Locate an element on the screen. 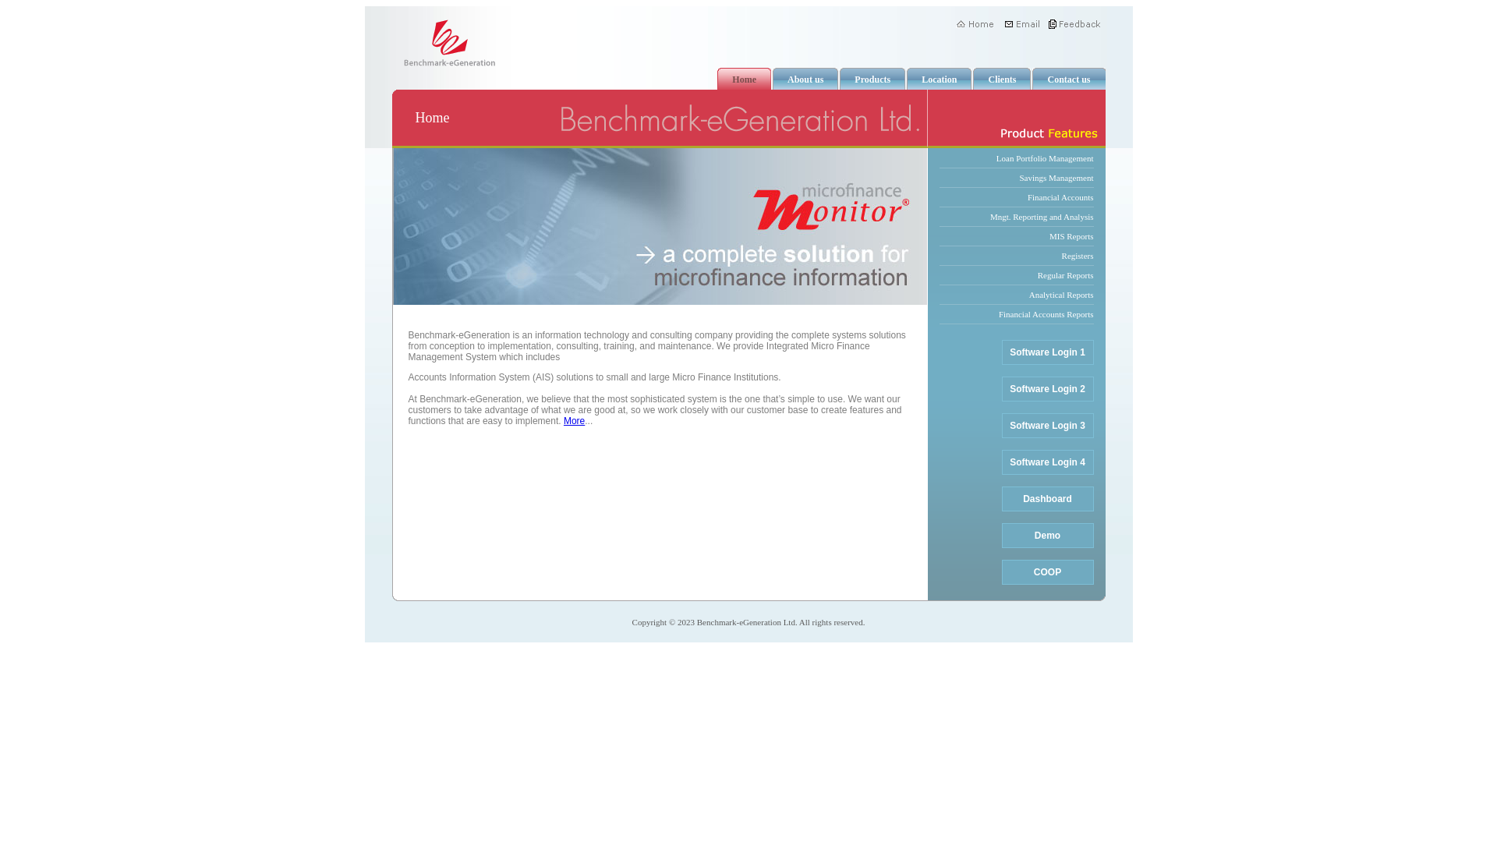  'Financial Accounts' is located at coordinates (1015, 196).